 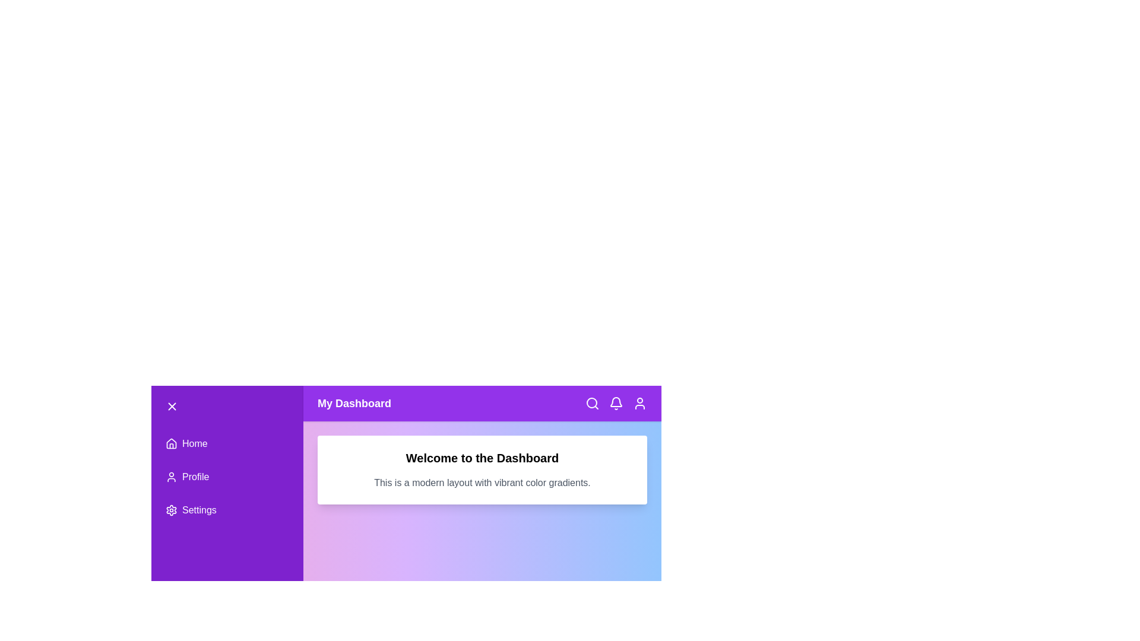 What do you see at coordinates (639, 402) in the screenshot?
I see `the user profile icon located at the top-right corner of the app bar` at bounding box center [639, 402].